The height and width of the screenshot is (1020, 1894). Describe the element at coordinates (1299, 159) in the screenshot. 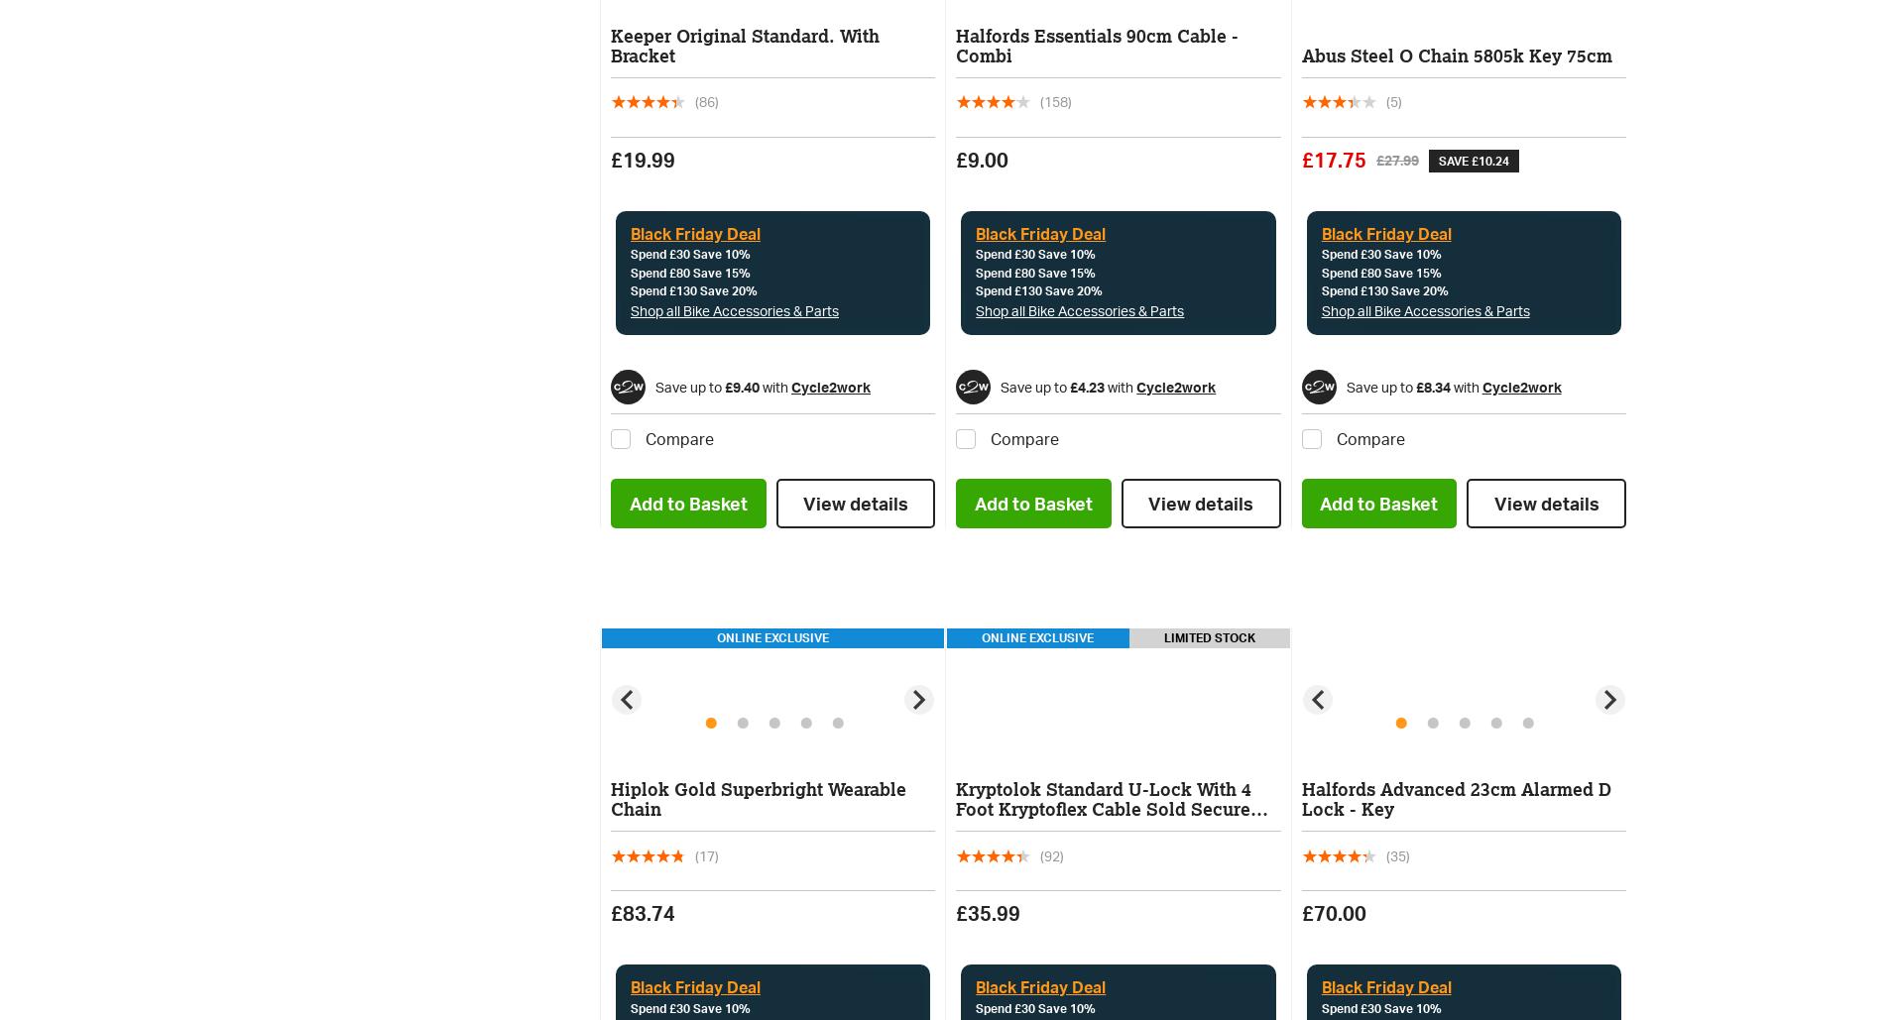

I see `'£17.75'` at that location.